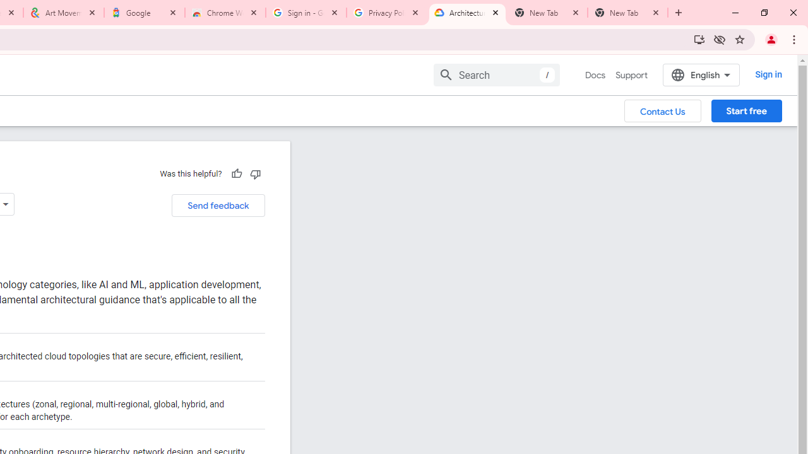 This screenshot has height=454, width=808. I want to click on 'Chrome Web Store - Color themes by Chrome', so click(225, 13).